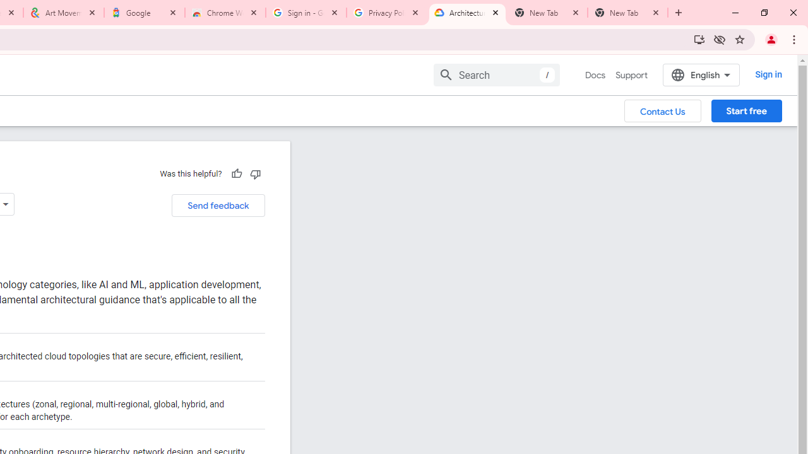 This screenshot has height=454, width=808. I want to click on 'Chrome Web Store - Color themes by Chrome', so click(225, 13).